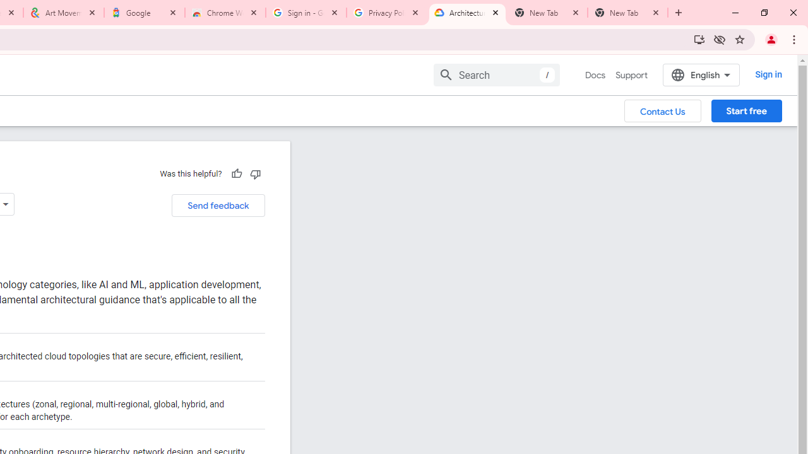 This screenshot has height=454, width=808. I want to click on 'Chrome Web Store - Color themes by Chrome', so click(225, 13).